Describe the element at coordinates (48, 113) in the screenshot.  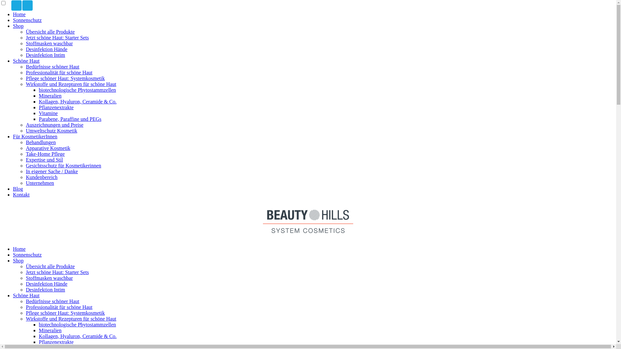
I see `'Vitamine'` at that location.